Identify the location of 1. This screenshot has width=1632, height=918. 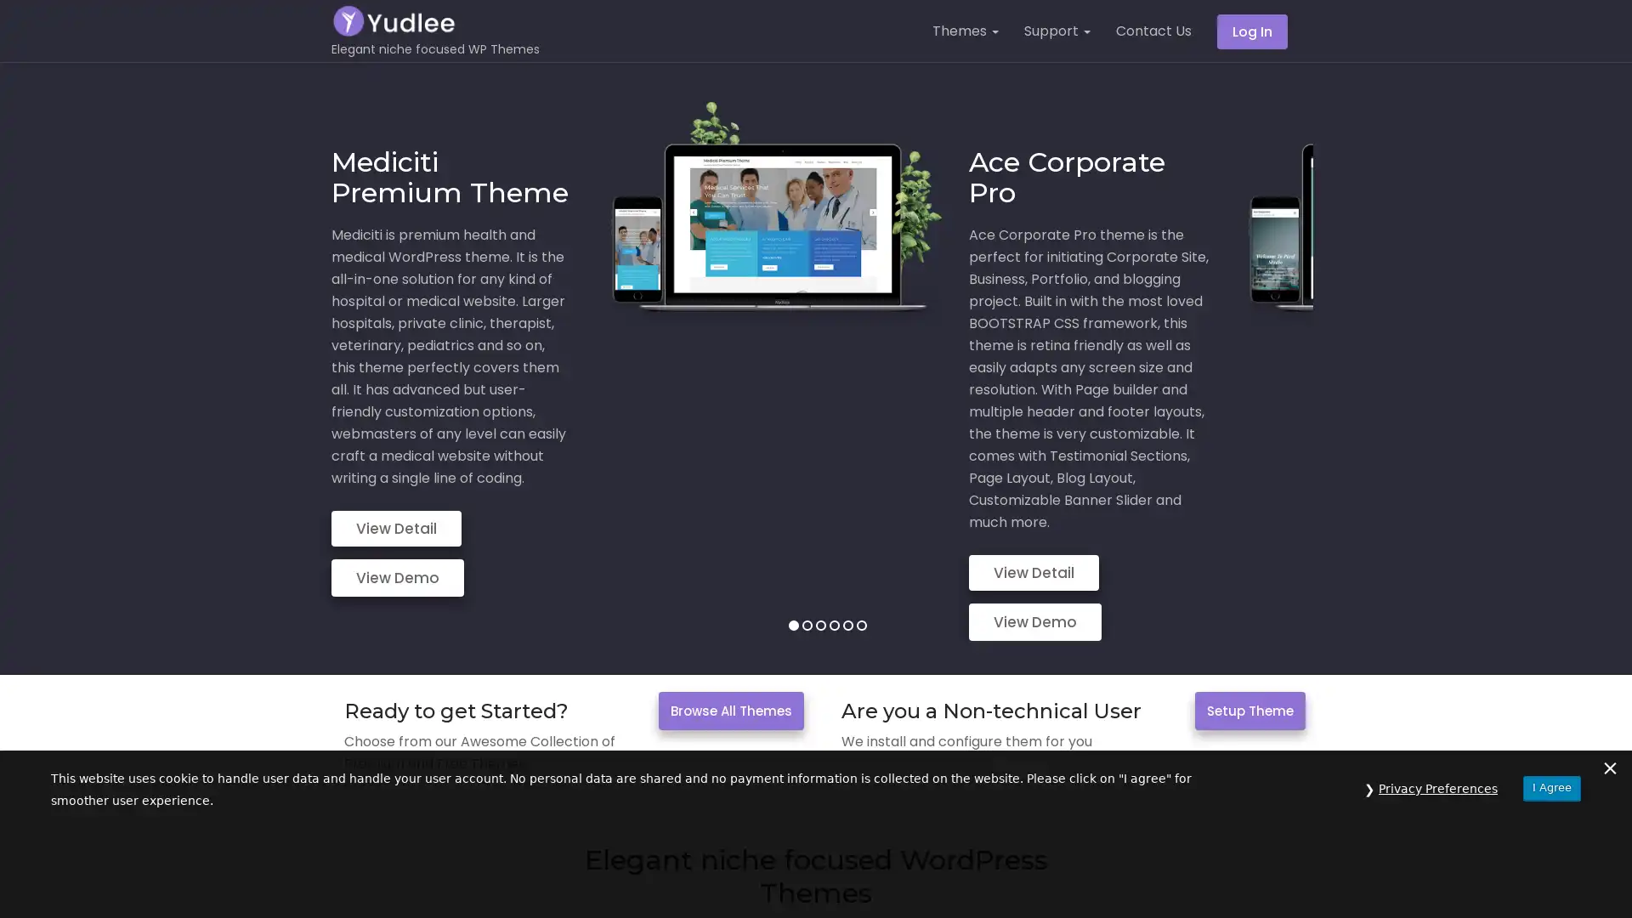
(791, 506).